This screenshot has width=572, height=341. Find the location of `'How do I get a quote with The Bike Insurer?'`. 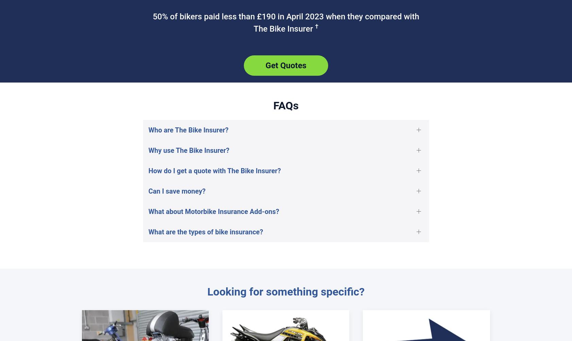

'How do I get a quote with The Bike Insurer?' is located at coordinates (214, 170).